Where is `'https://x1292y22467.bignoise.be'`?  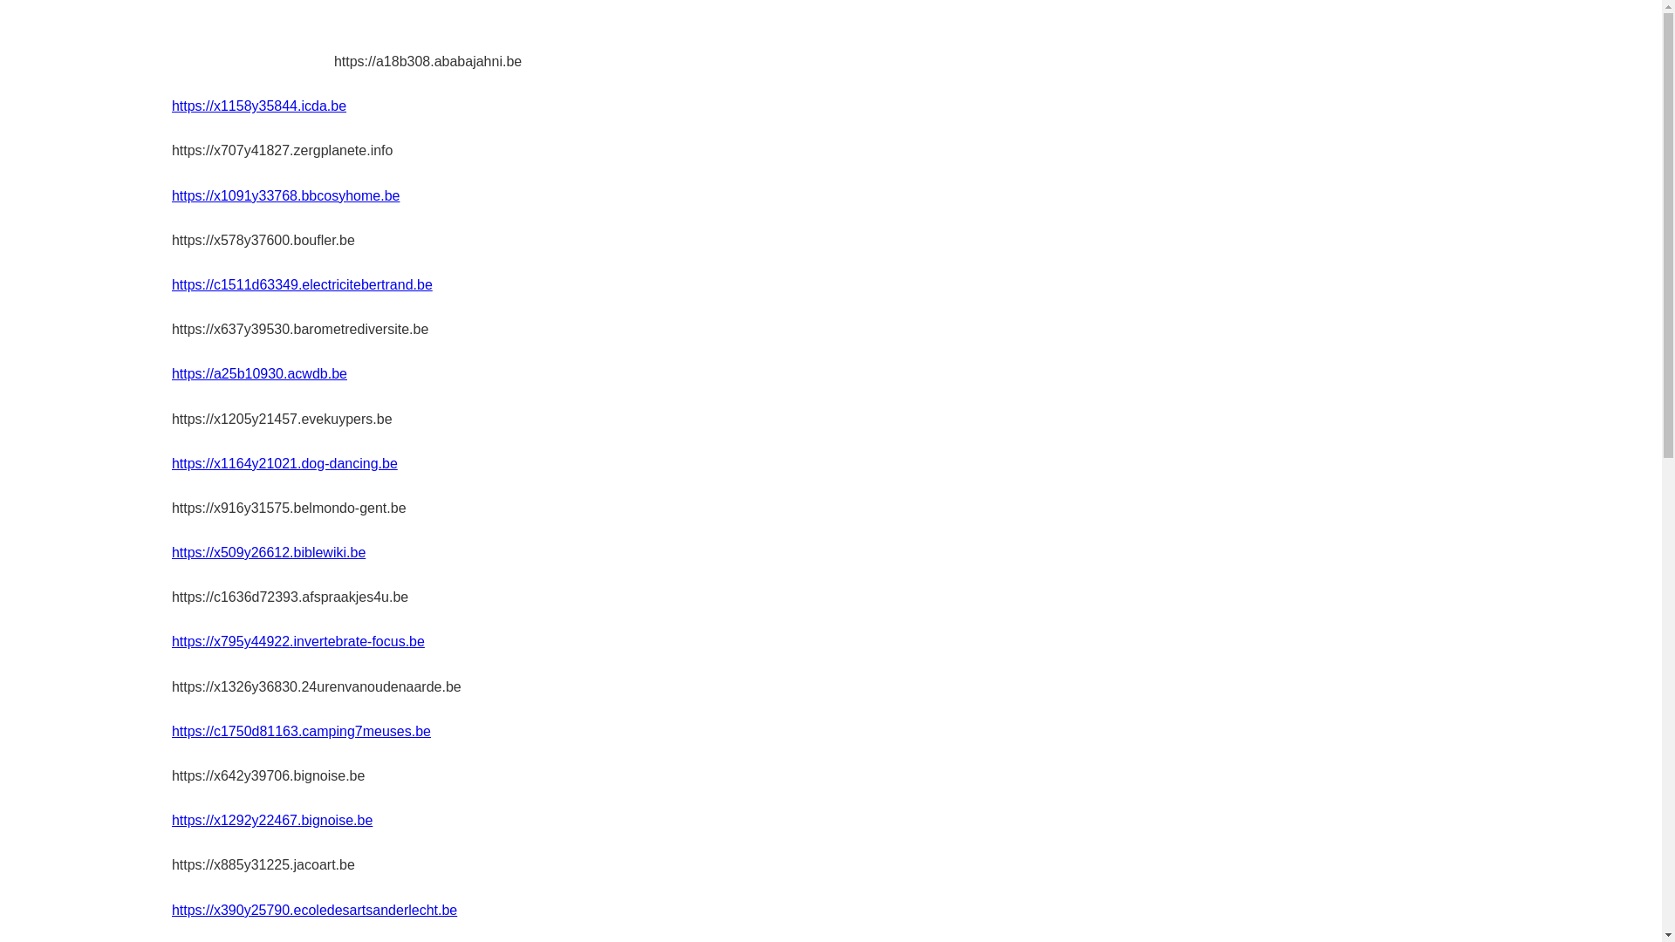 'https://x1292y22467.bignoise.be' is located at coordinates (171, 820).